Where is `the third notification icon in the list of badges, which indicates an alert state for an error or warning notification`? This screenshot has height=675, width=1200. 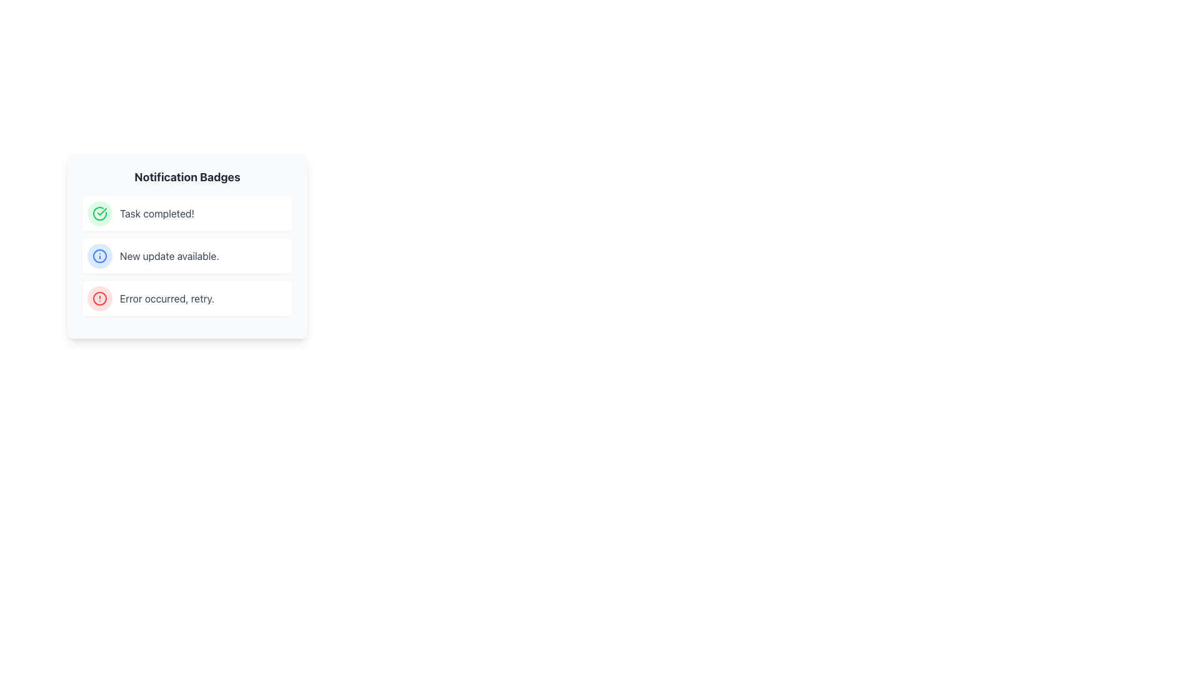 the third notification icon in the list of badges, which indicates an alert state for an error or warning notification is located at coordinates (99, 299).